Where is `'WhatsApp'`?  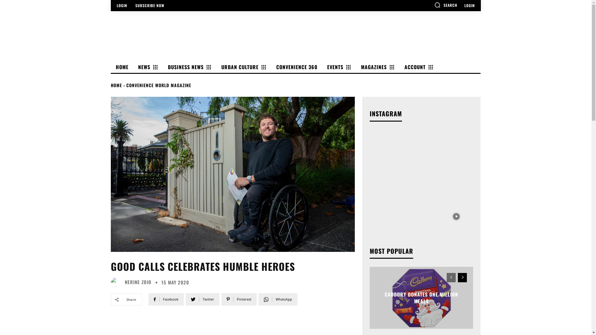 'WhatsApp' is located at coordinates (277, 299).